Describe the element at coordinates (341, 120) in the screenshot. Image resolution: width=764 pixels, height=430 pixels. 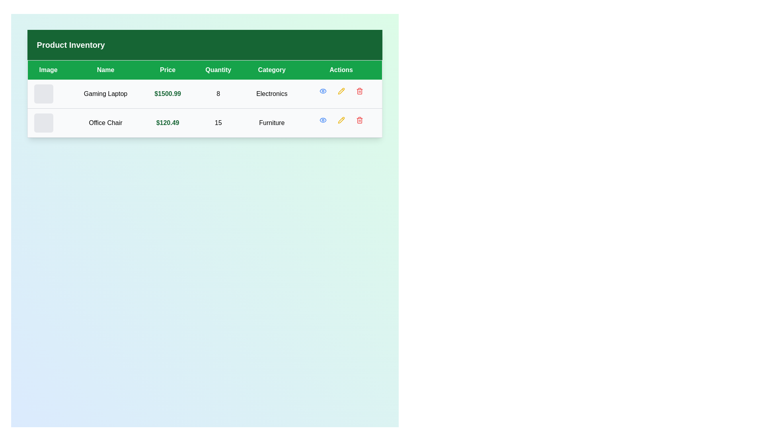
I see `the edit button located in the 'Actions' column of the second row of the product inventory table, next to 'Office Chair'` at that location.